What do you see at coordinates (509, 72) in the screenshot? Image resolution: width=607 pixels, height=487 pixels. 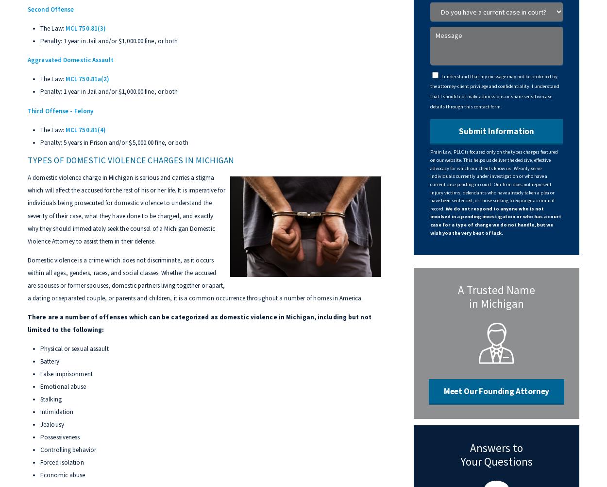 I see `'Please enter a message.'` at bounding box center [509, 72].